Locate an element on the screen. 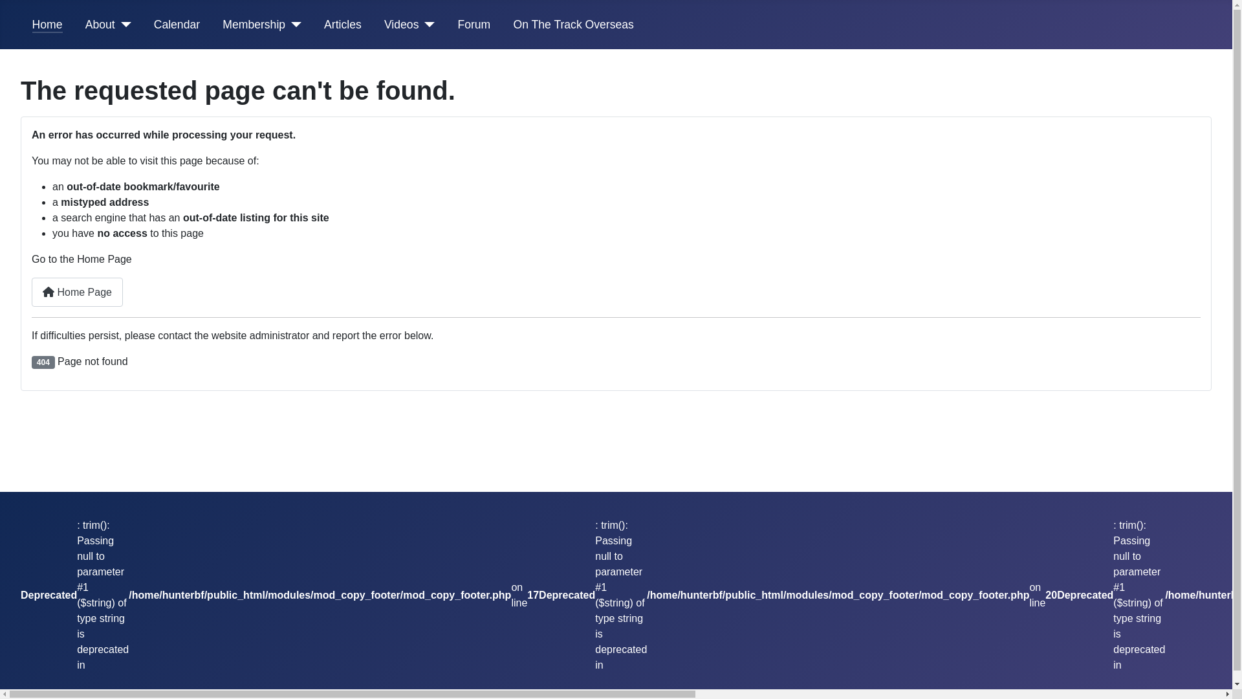 This screenshot has width=1242, height=699. 'Home' is located at coordinates (47, 25).